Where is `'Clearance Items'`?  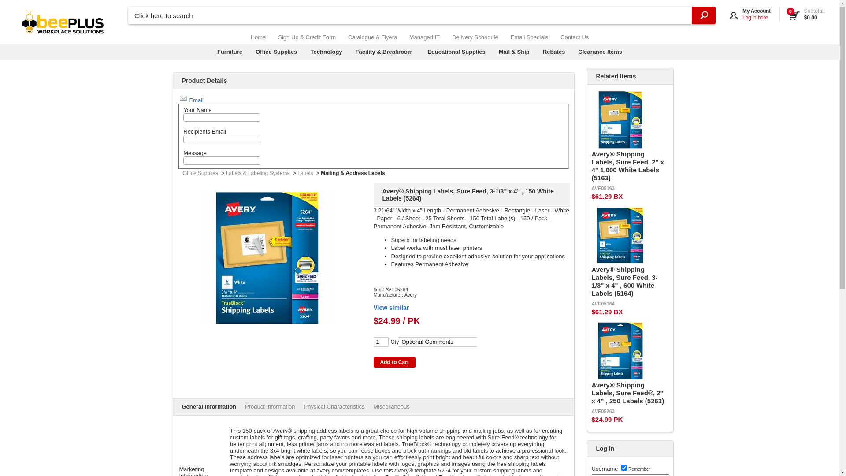 'Clearance Items' is located at coordinates (600, 52).